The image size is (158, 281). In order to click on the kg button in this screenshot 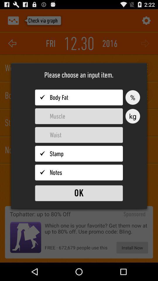, I will do `click(133, 116)`.